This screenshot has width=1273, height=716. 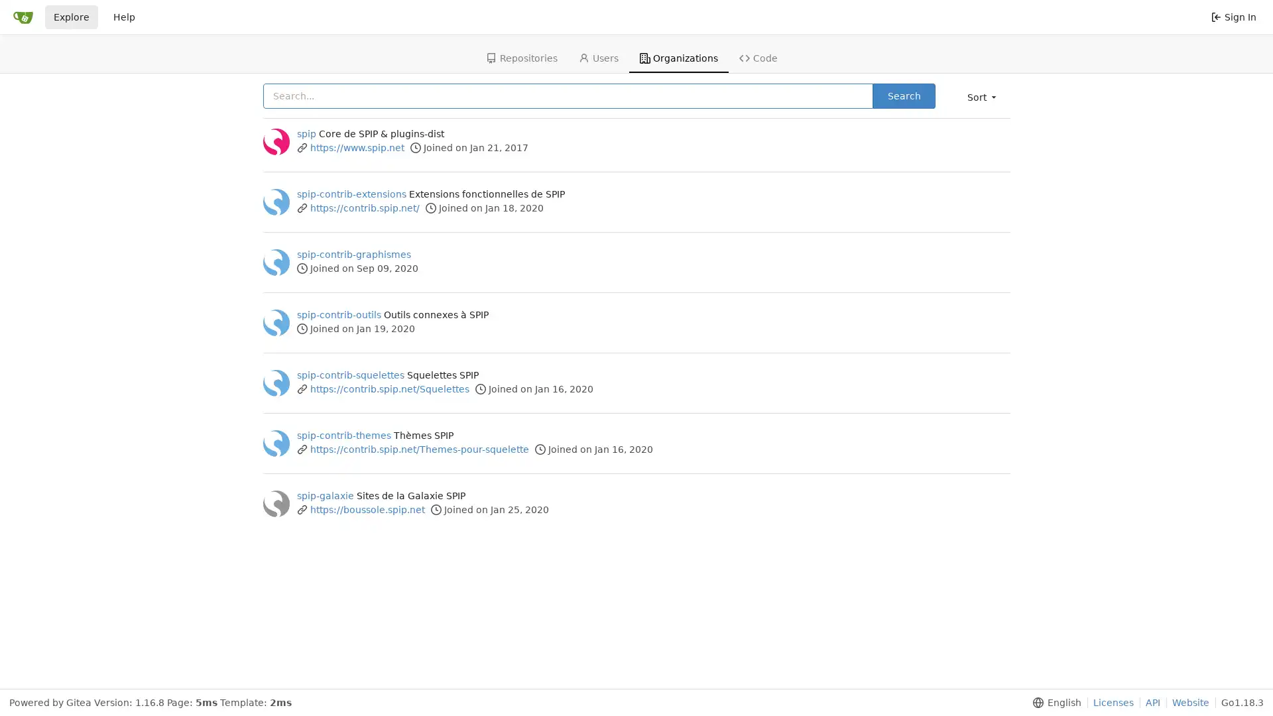 I want to click on Search, so click(x=903, y=95).